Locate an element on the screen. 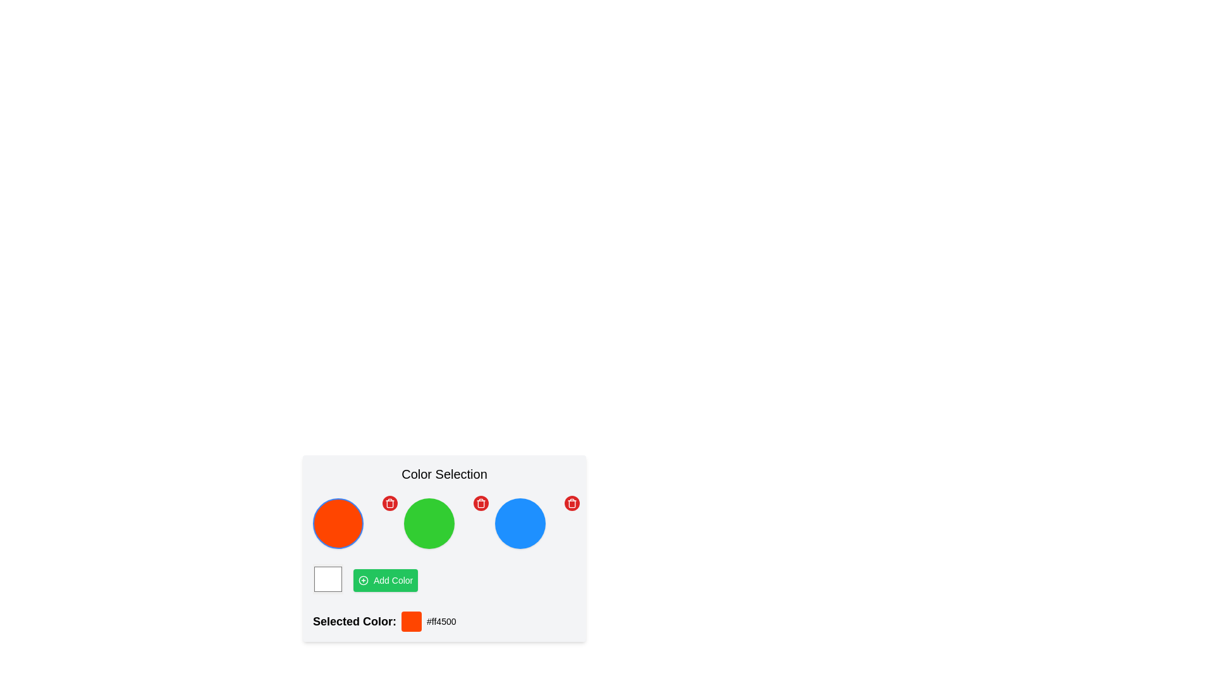  the circular plus sign icon within the 'Add Color' button is located at coordinates (363, 580).